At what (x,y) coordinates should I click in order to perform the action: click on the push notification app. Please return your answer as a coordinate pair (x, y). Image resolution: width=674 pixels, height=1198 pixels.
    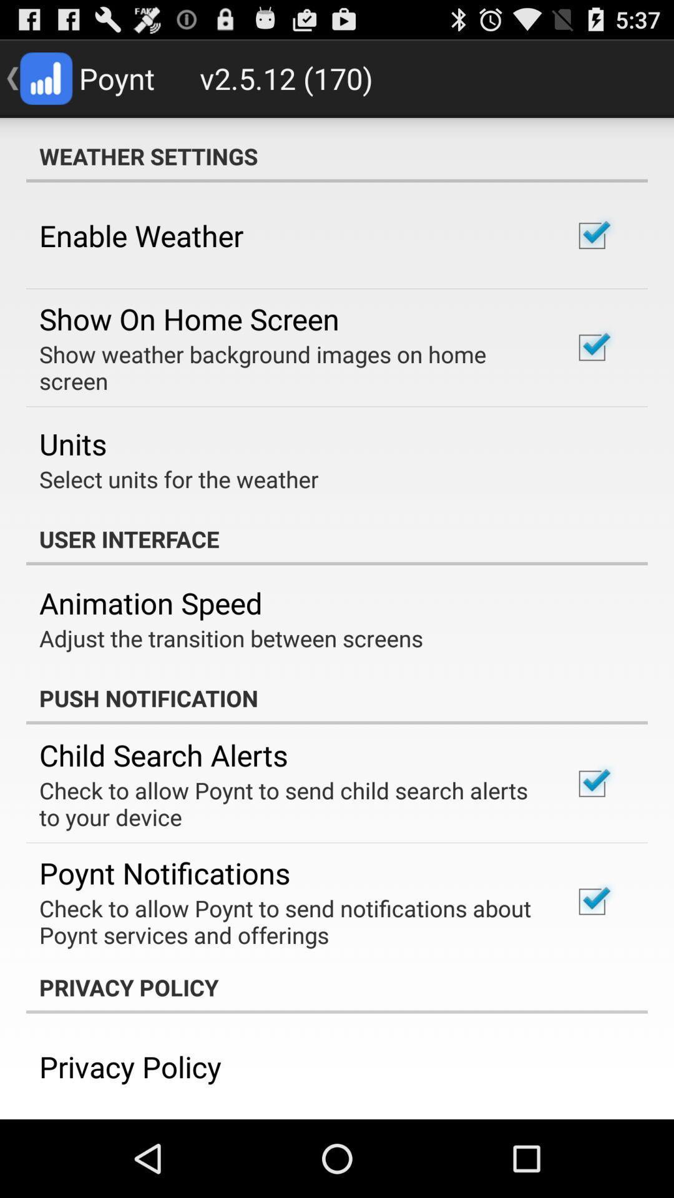
    Looking at the image, I should click on (337, 697).